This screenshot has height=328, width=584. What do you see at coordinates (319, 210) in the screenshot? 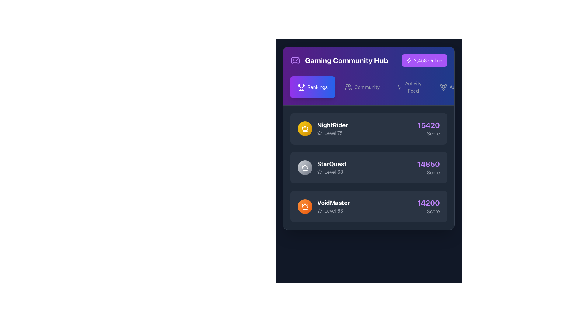
I see `the star icon with a hollow interior and gray outline located adjacent to the text 'Level 63' in the leaderboard for user 'VoidMaster'` at bounding box center [319, 210].